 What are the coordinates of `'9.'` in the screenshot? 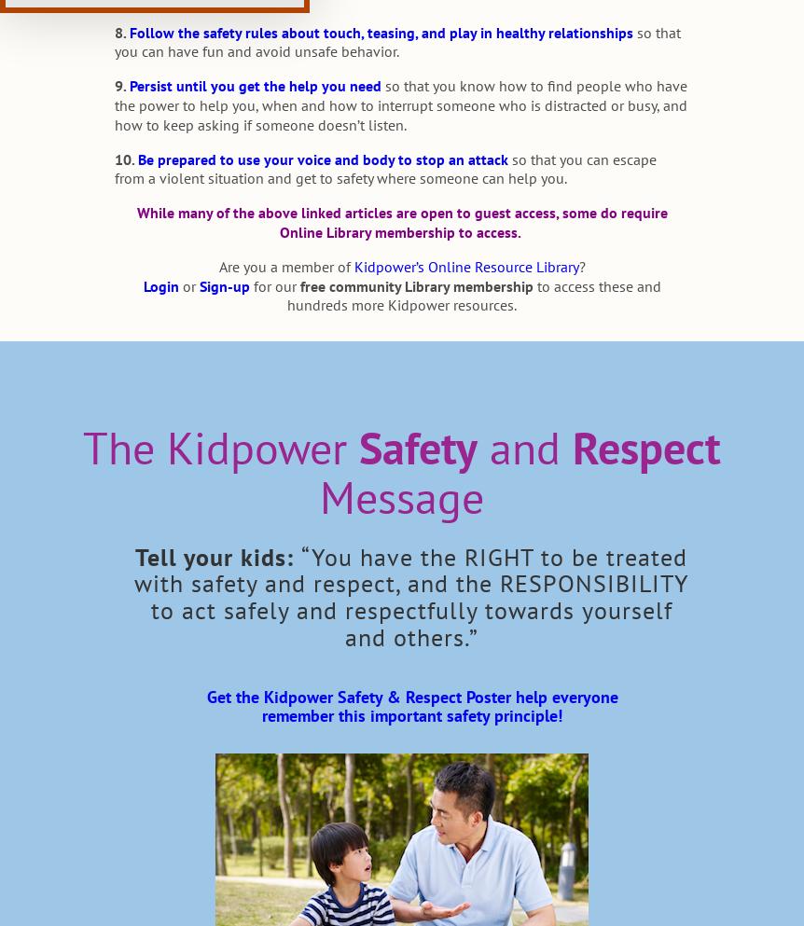 It's located at (118, 84).